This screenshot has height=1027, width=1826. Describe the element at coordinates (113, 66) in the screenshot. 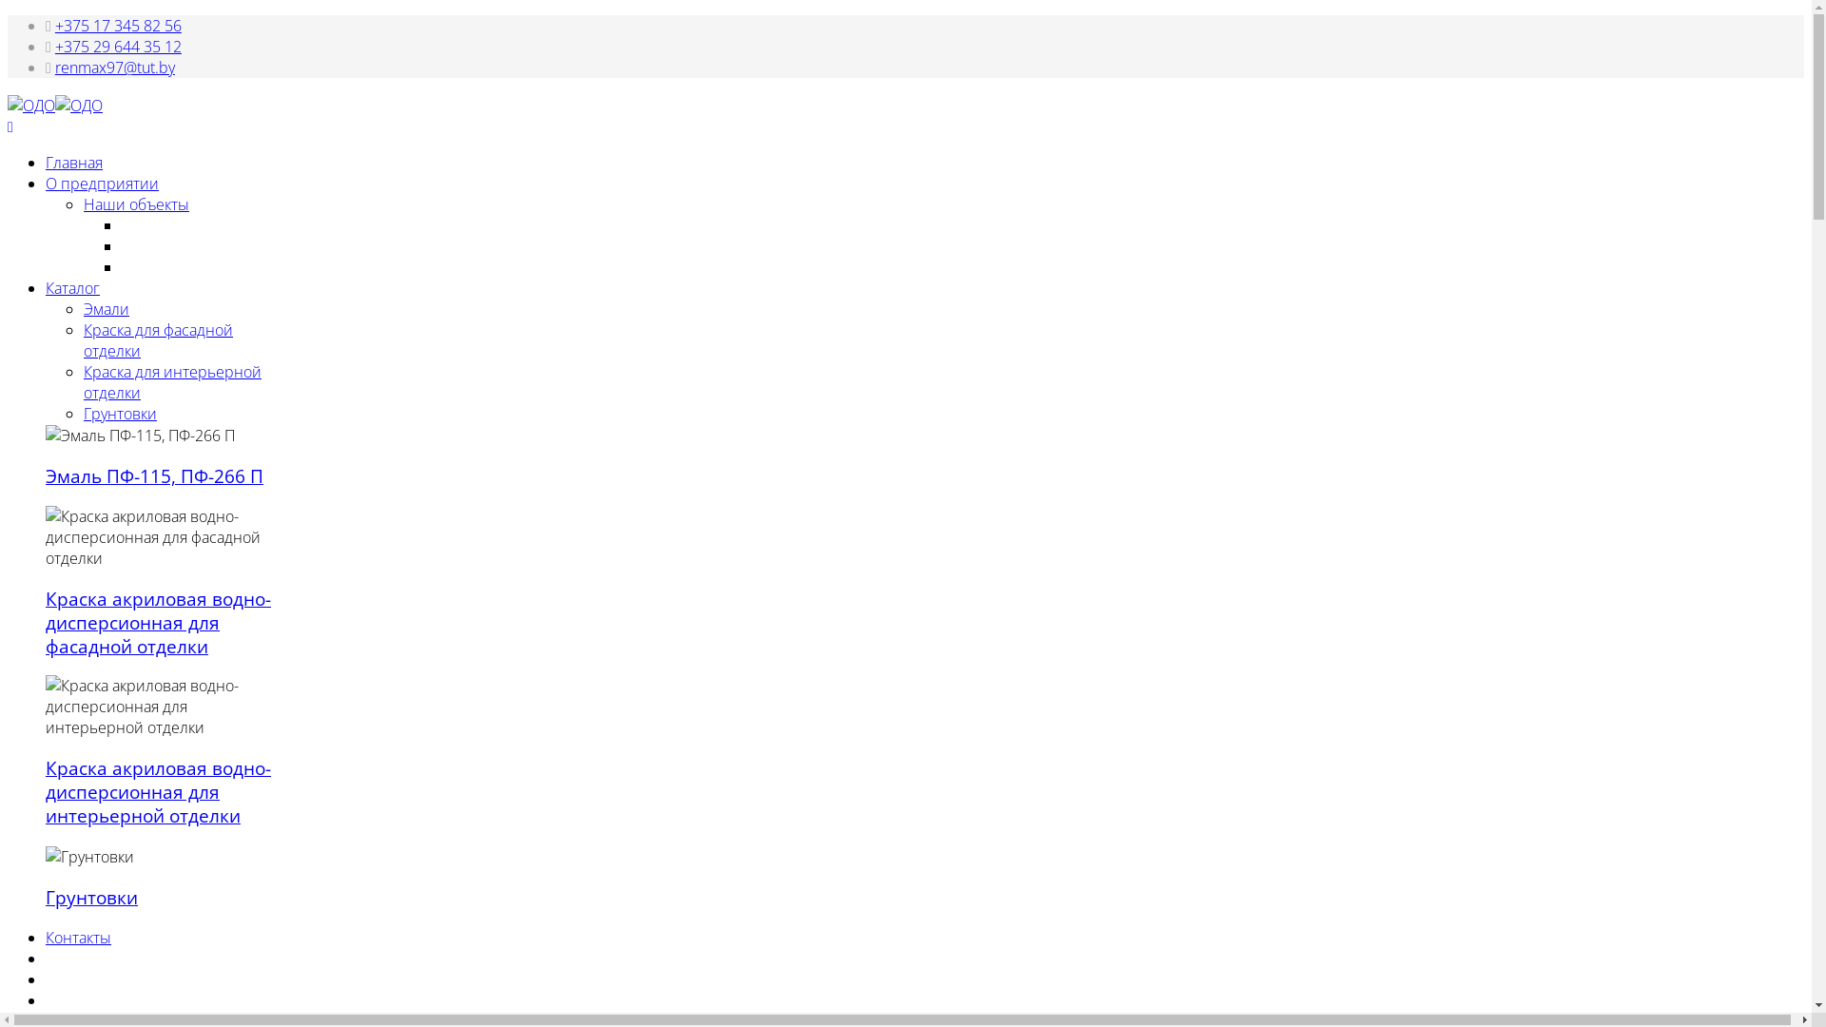

I see `'renmax97@tut.by'` at that location.